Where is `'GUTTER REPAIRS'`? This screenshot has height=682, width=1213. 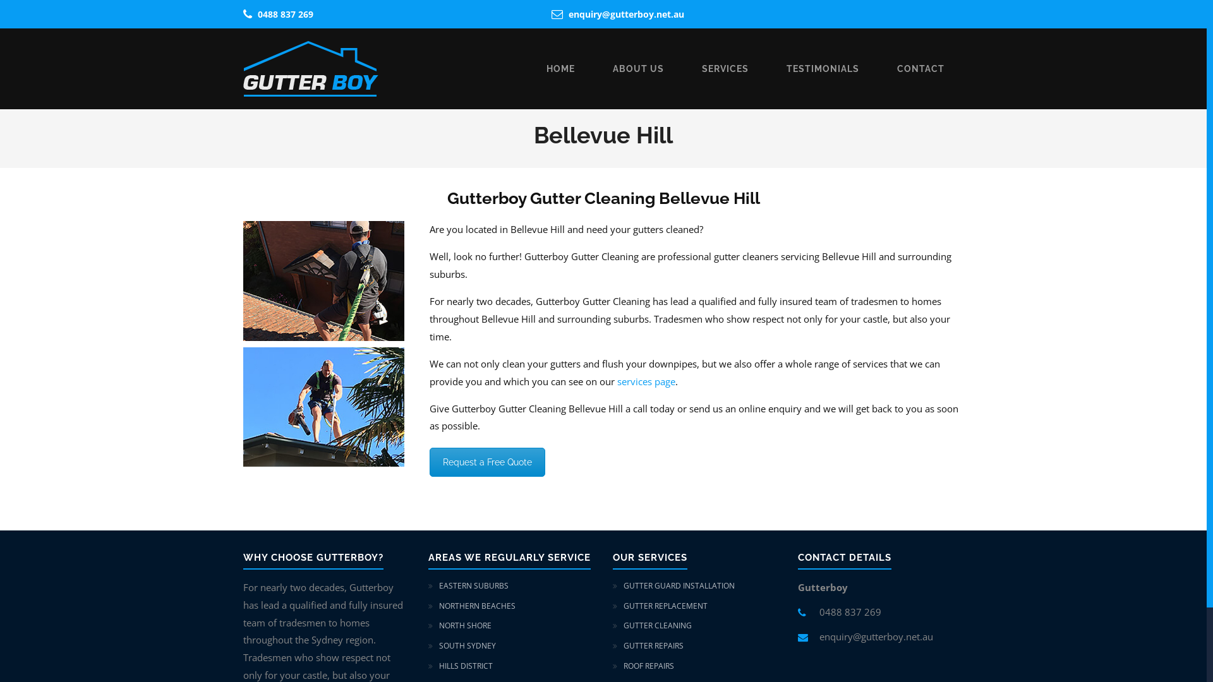
'GUTTER REPAIRS' is located at coordinates (653, 645).